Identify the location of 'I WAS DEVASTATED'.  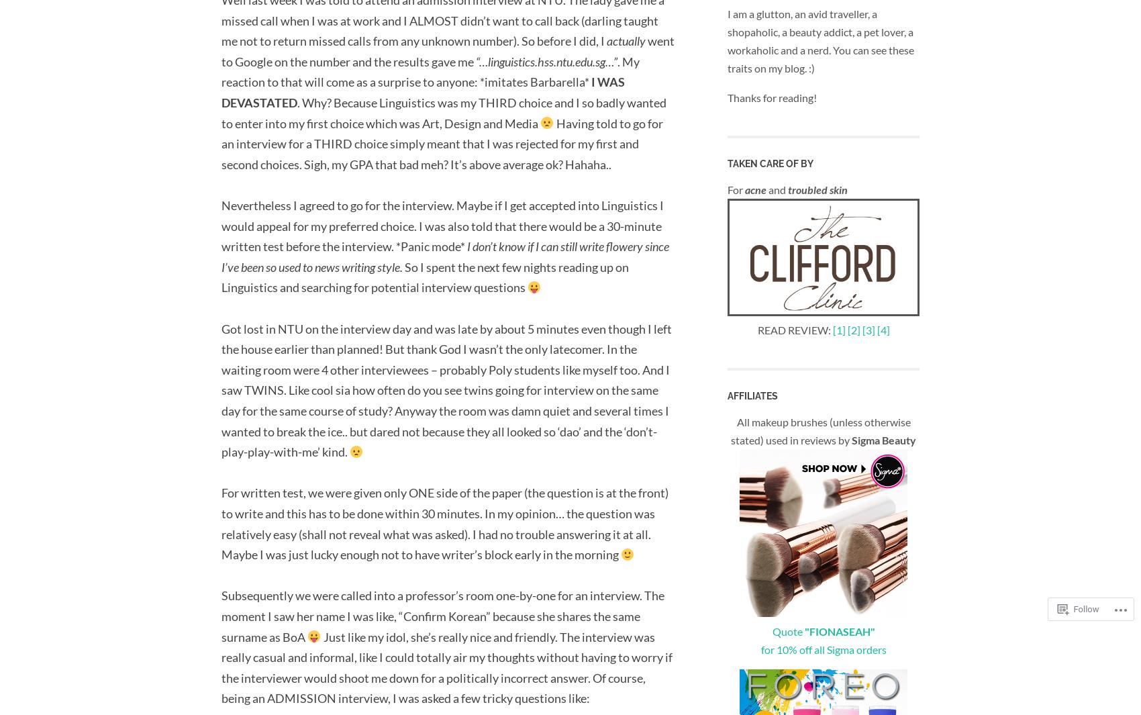
(422, 91).